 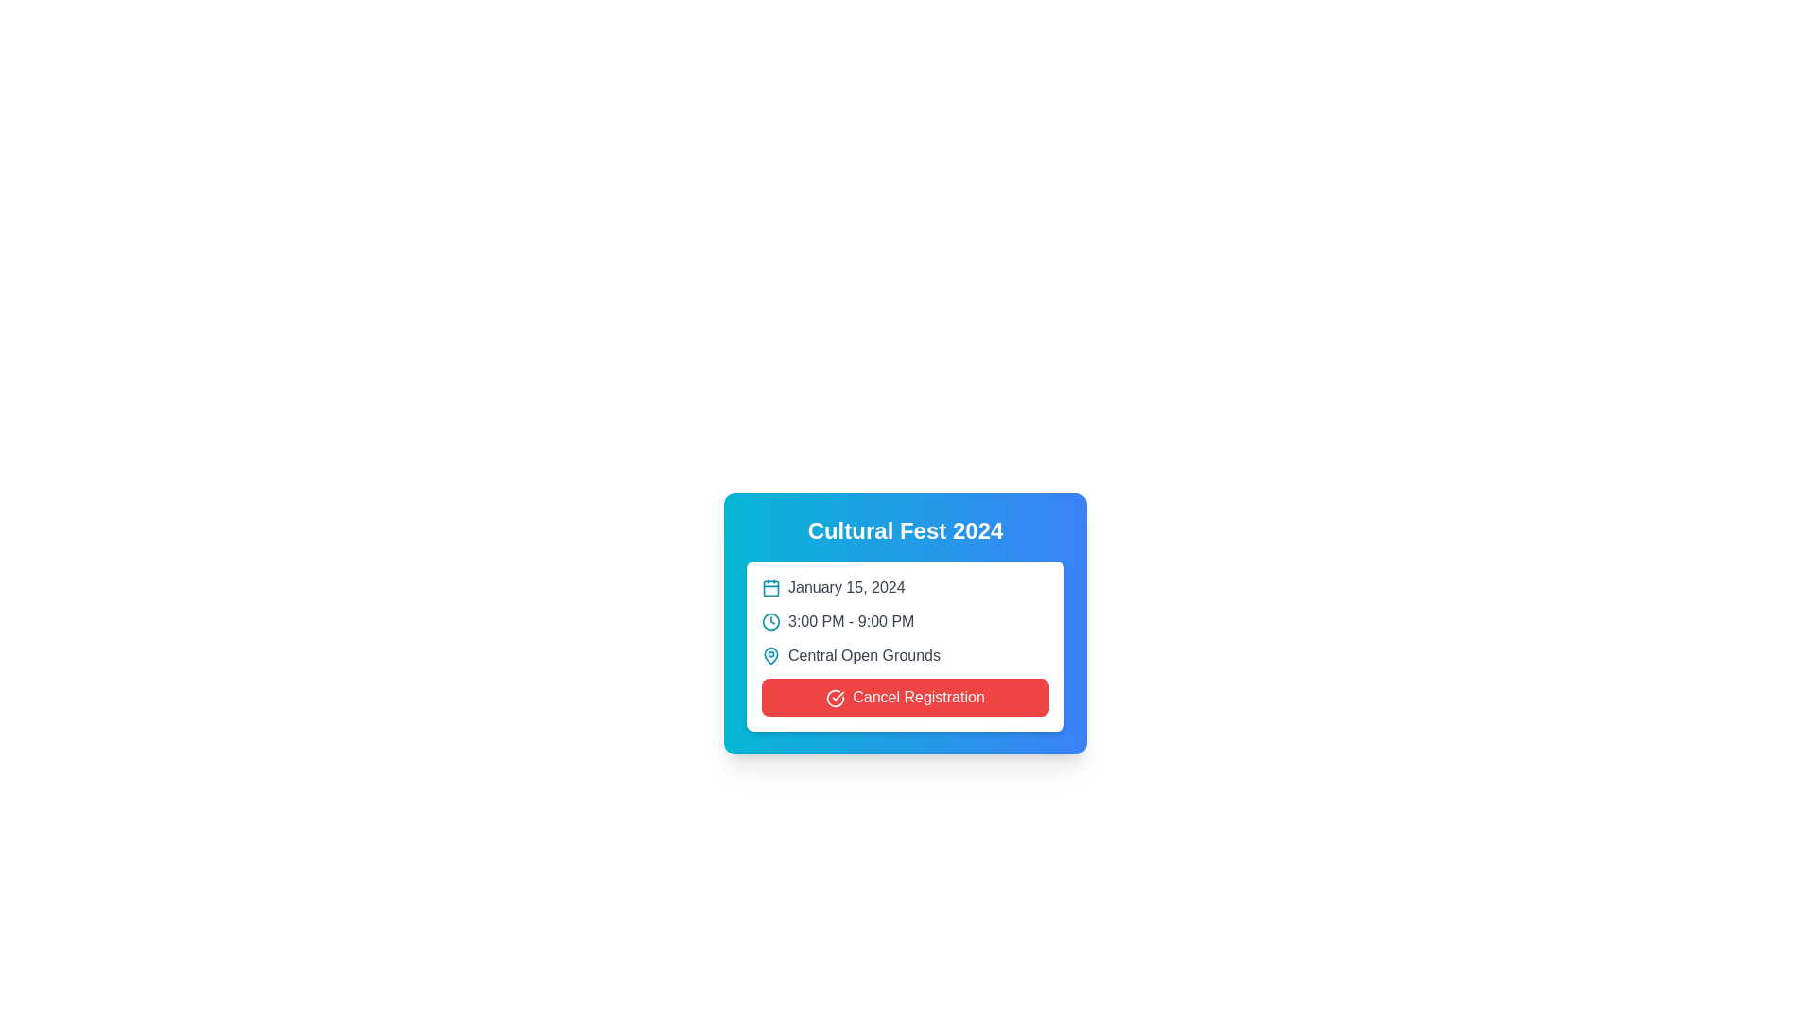 What do you see at coordinates (905, 655) in the screenshot?
I see `the text label displaying the location name in the card layout, which is positioned as the third textual row below the time details '3:00 PM - 9:00 PM'` at bounding box center [905, 655].